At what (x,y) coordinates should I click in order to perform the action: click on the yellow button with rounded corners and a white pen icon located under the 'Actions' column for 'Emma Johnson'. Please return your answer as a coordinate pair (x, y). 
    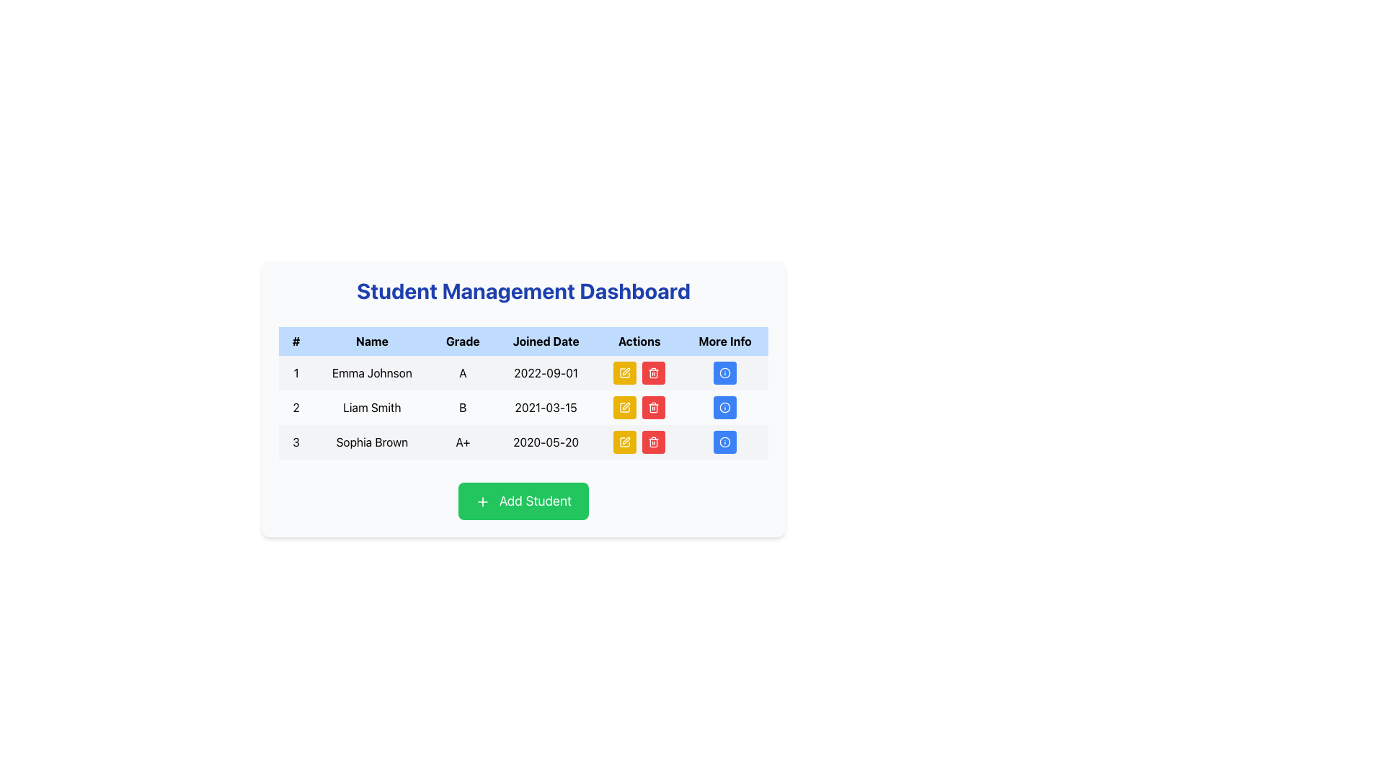
    Looking at the image, I should click on (625, 372).